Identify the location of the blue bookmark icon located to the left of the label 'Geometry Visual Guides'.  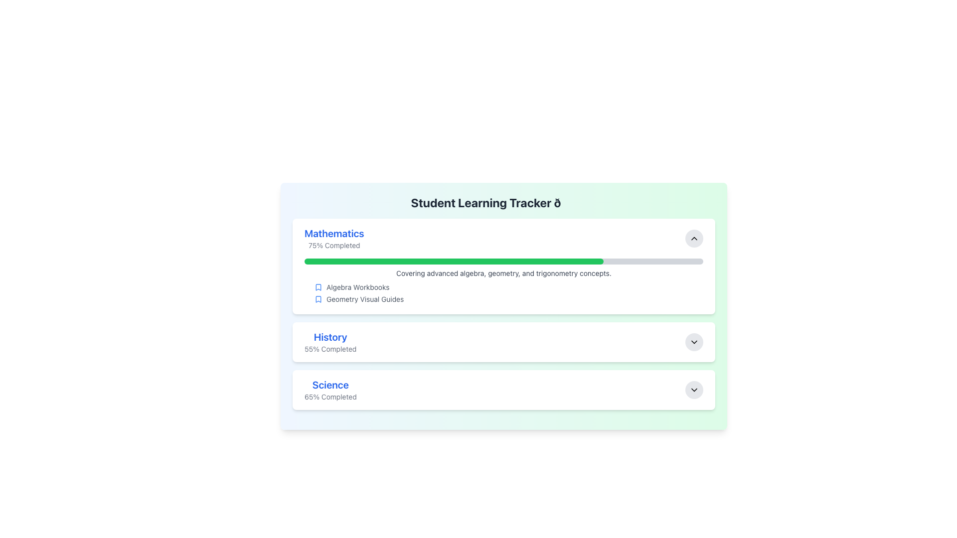
(318, 299).